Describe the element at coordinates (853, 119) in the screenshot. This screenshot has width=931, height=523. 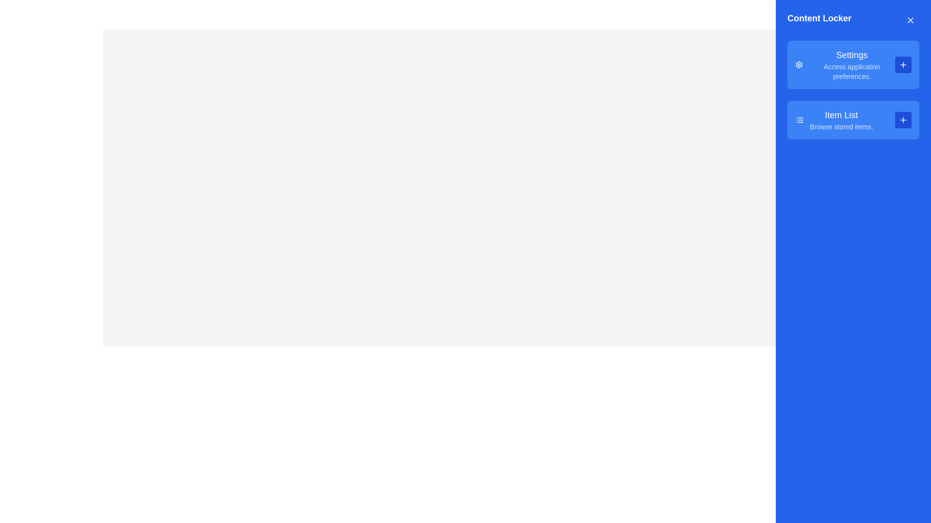
I see `the blue rounded button labeled 'Item List'` at that location.